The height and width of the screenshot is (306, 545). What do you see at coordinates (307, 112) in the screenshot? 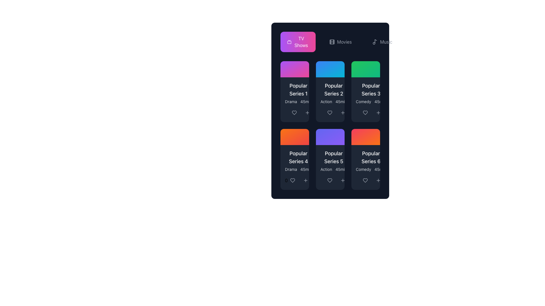
I see `the '+' icon button located in the bottom right area of the 'Popular Series 1' card` at bounding box center [307, 112].